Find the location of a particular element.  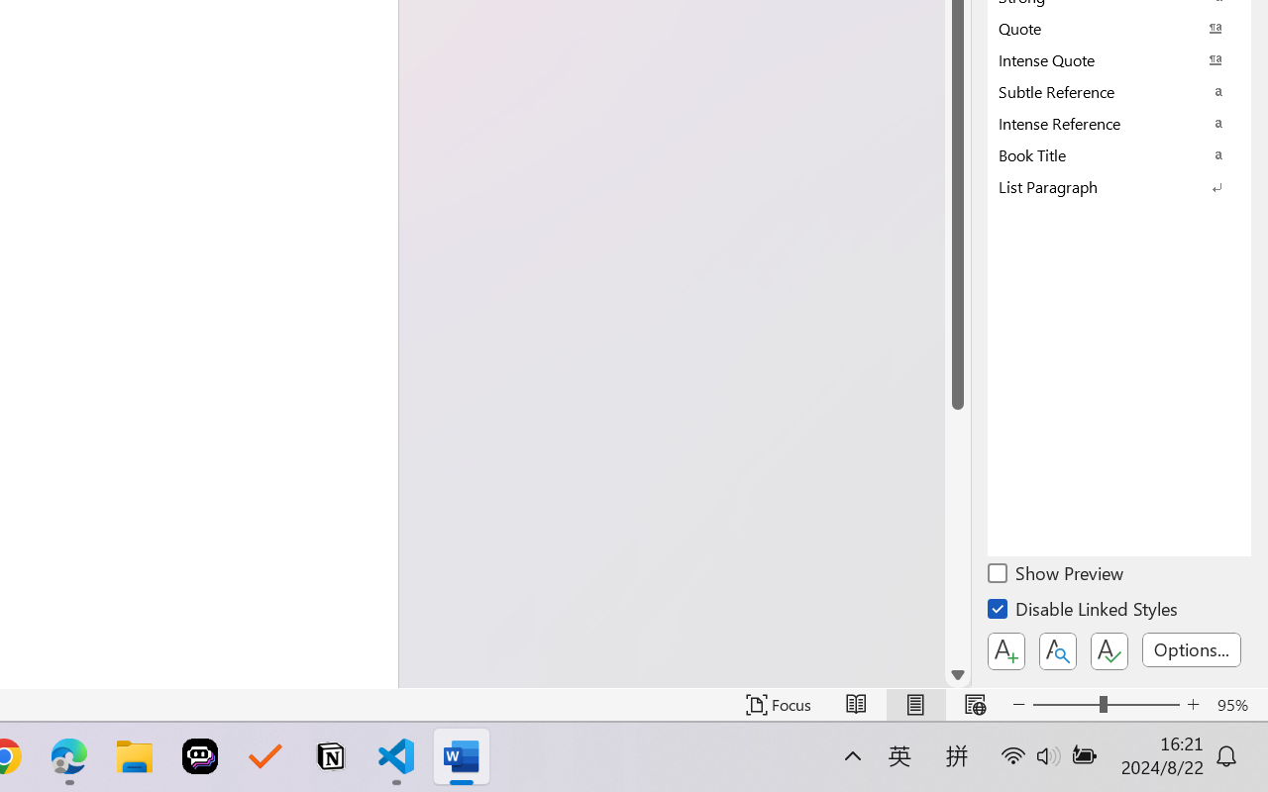

'List Paragraph' is located at coordinates (1119, 185).